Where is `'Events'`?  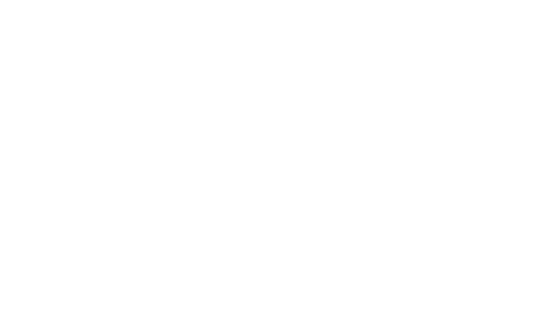
'Events' is located at coordinates (332, 13).